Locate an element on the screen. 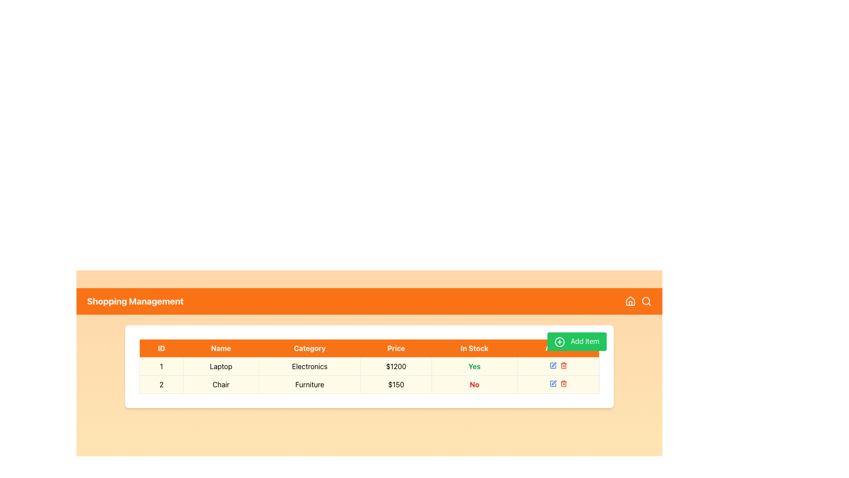  the price display text for the item 'Chair' located in the fourth column of the second row of the table is located at coordinates (396, 384).